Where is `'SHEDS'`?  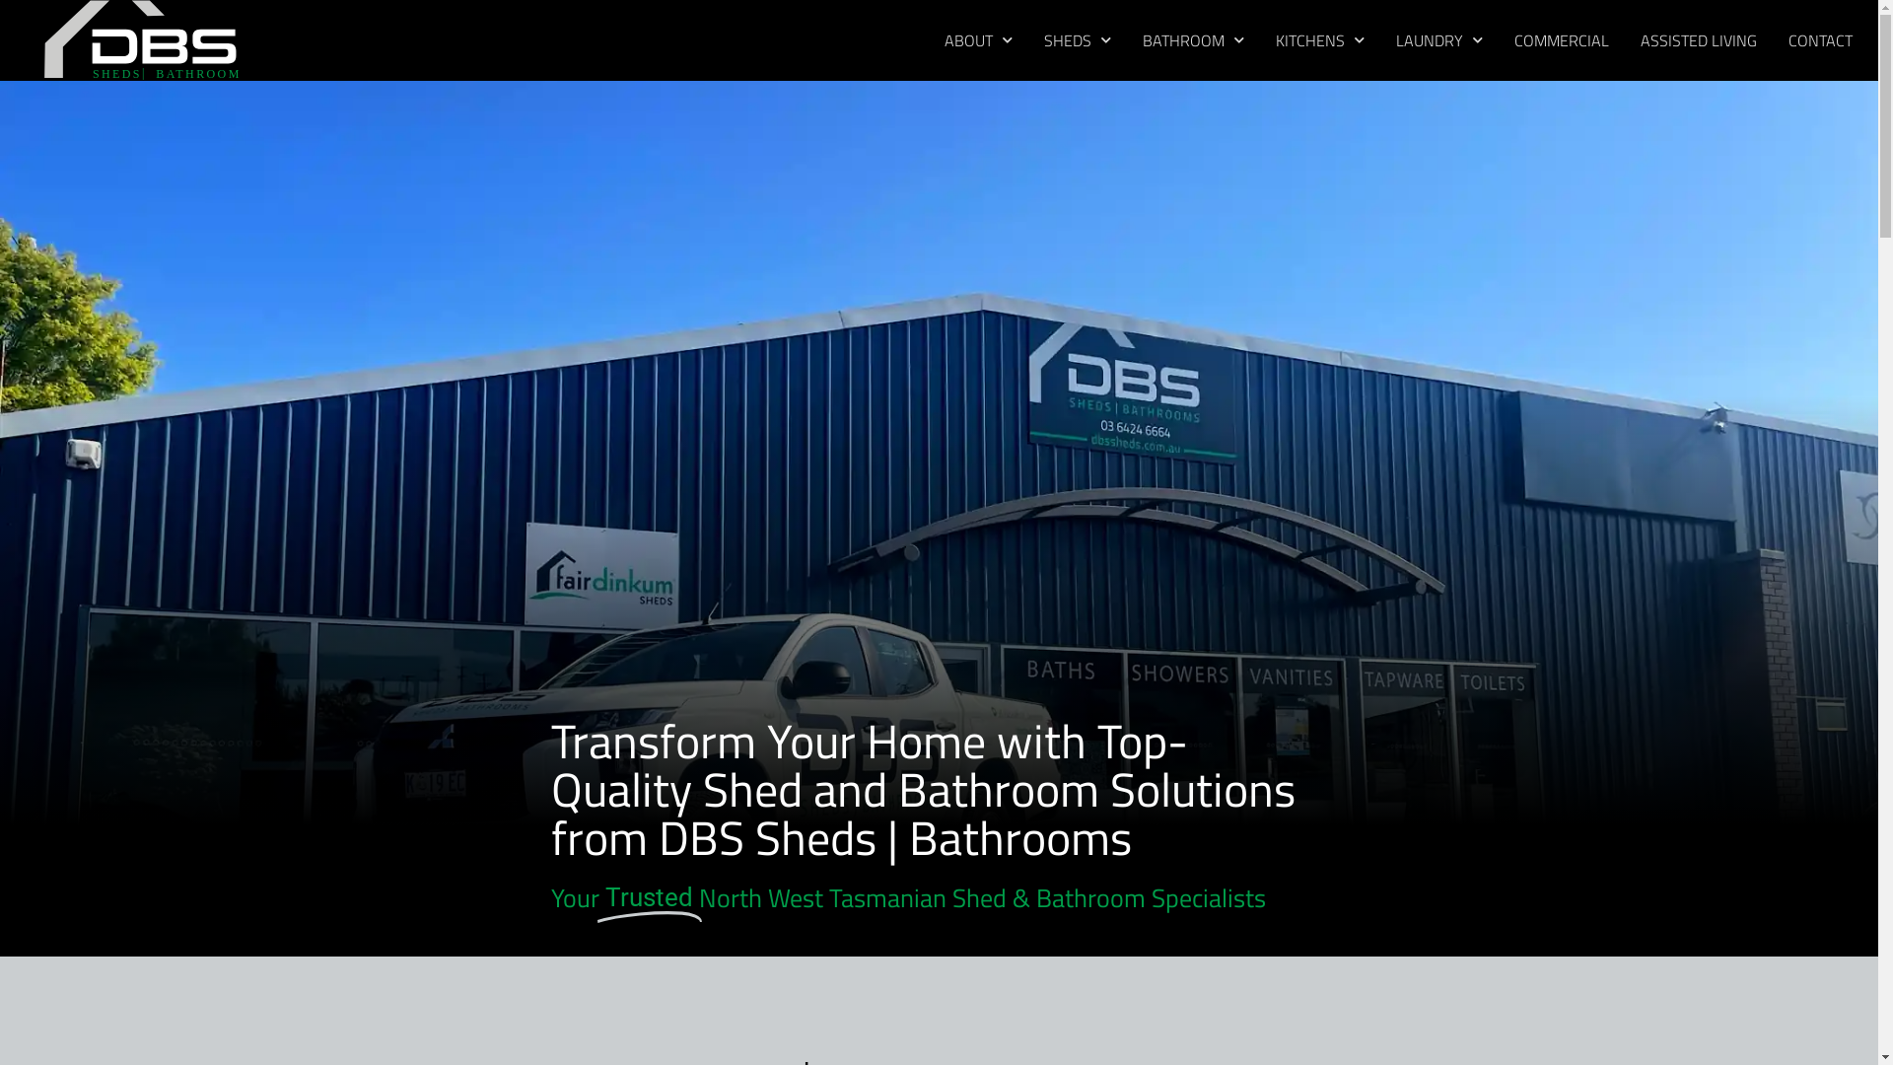 'SHEDS' is located at coordinates (1077, 40).